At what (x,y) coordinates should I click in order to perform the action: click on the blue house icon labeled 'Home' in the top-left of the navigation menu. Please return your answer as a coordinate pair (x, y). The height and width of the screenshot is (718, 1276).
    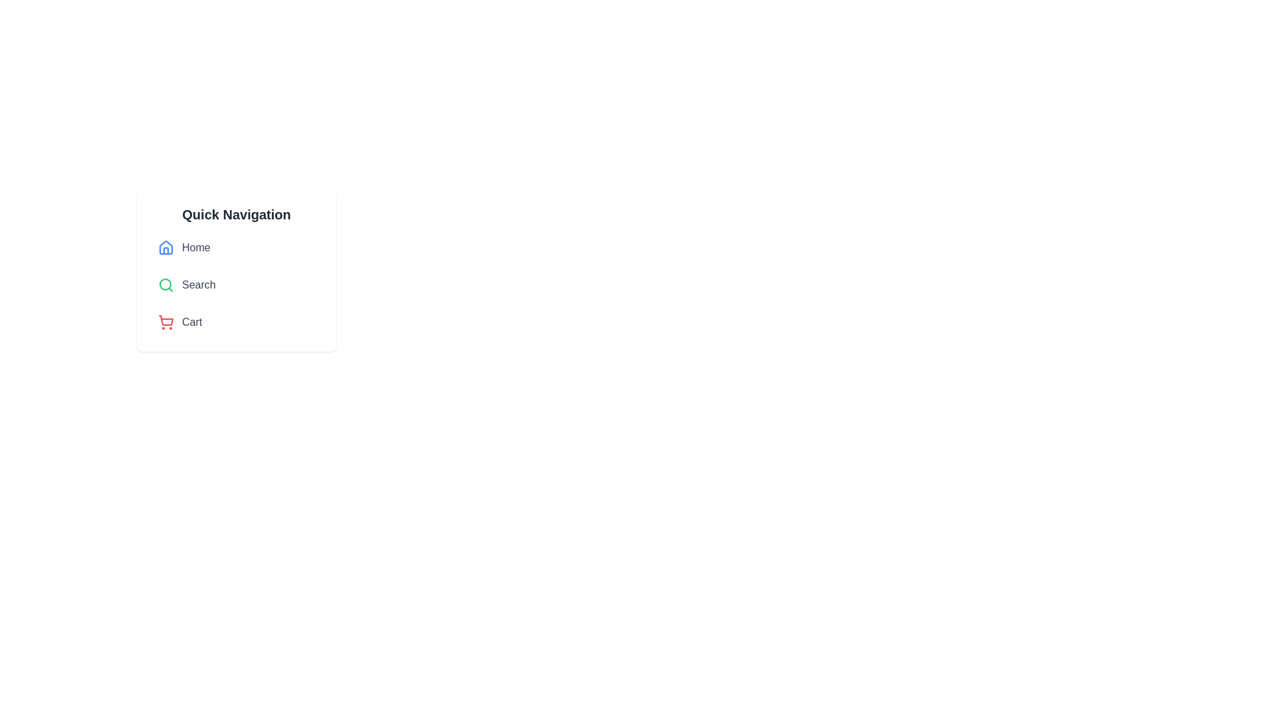
    Looking at the image, I should click on (165, 247).